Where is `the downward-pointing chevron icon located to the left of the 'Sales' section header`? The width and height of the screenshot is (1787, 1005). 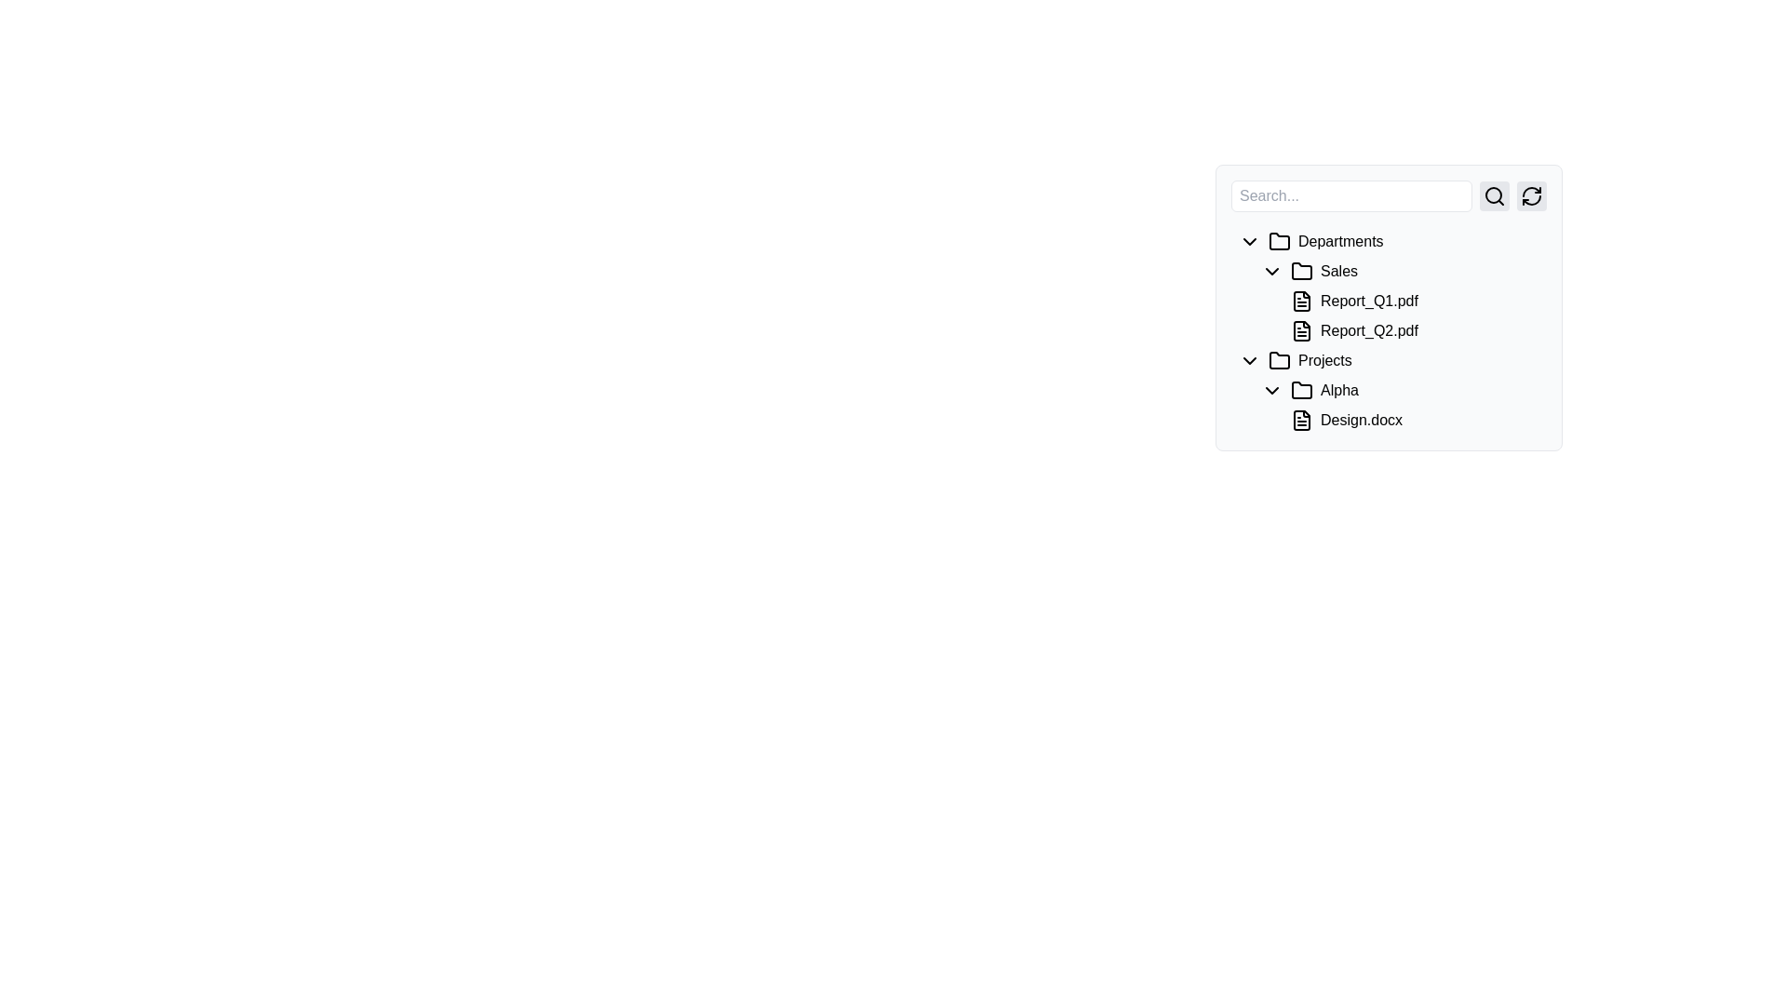
the downward-pointing chevron icon located to the left of the 'Sales' section header is located at coordinates (1271, 272).